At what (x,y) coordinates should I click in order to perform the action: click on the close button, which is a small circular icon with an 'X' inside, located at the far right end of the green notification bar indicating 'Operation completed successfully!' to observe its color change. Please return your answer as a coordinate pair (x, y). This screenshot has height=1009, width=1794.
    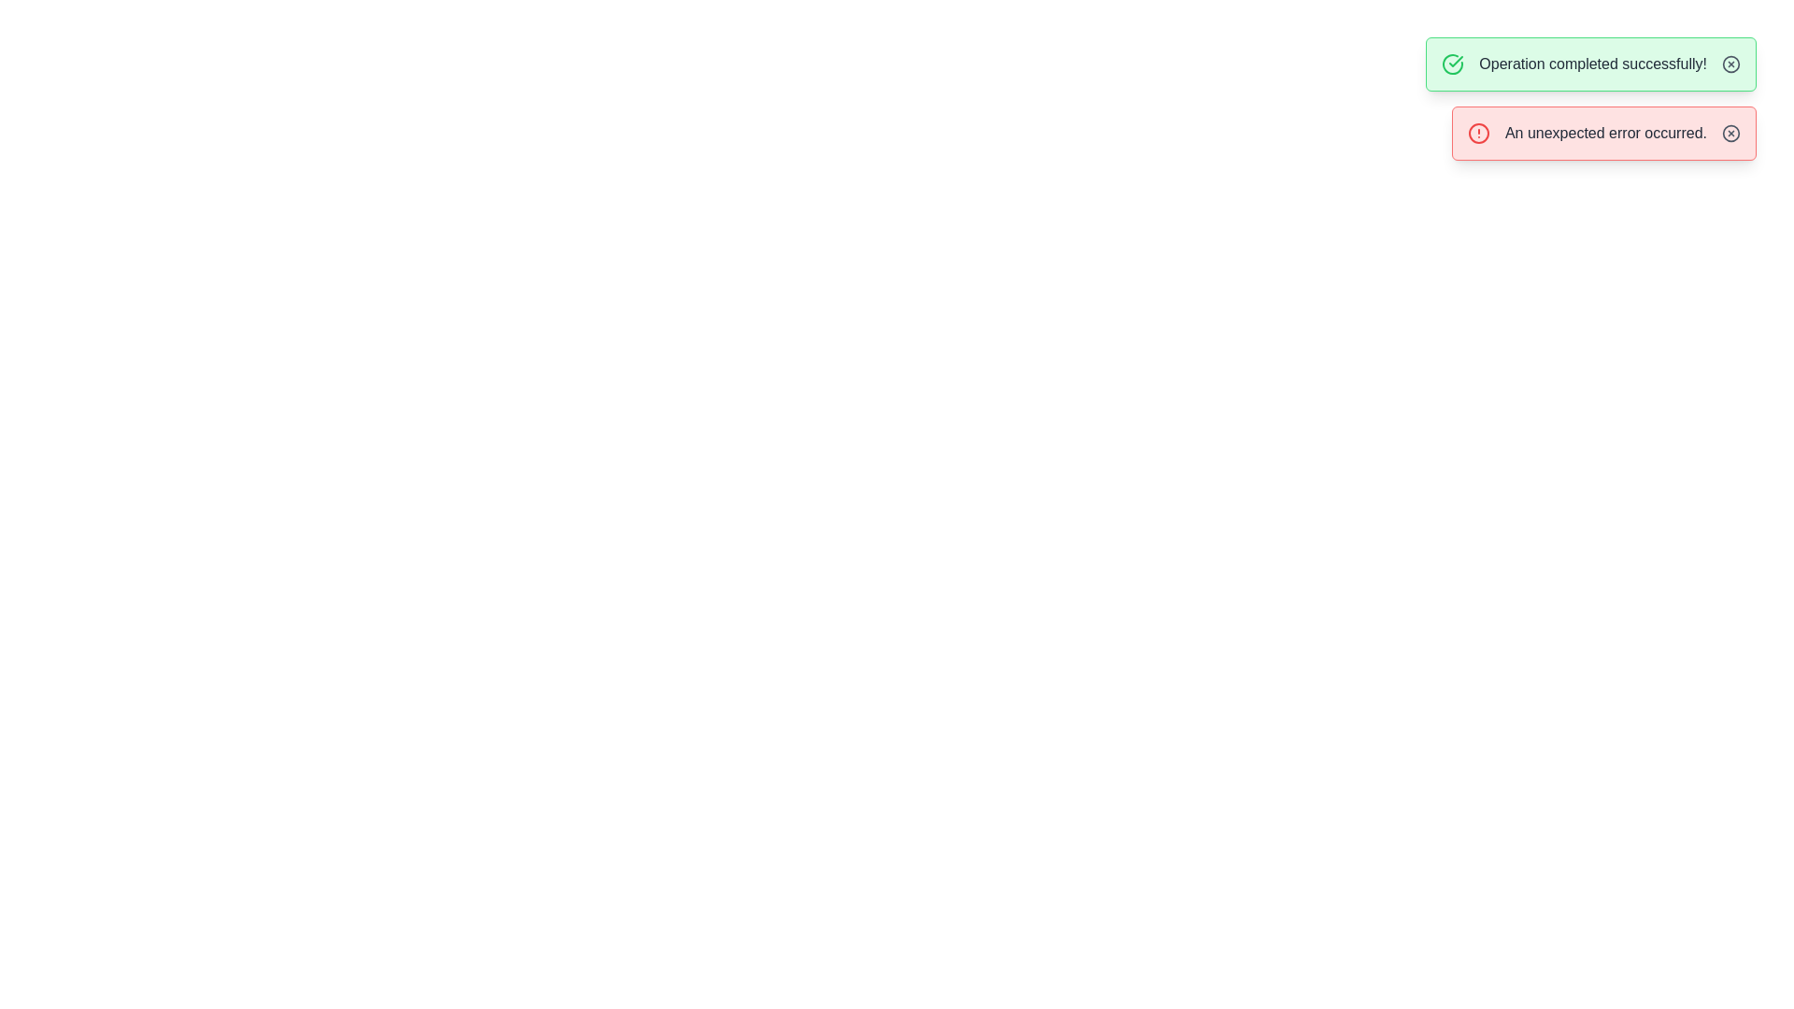
    Looking at the image, I should click on (1730, 64).